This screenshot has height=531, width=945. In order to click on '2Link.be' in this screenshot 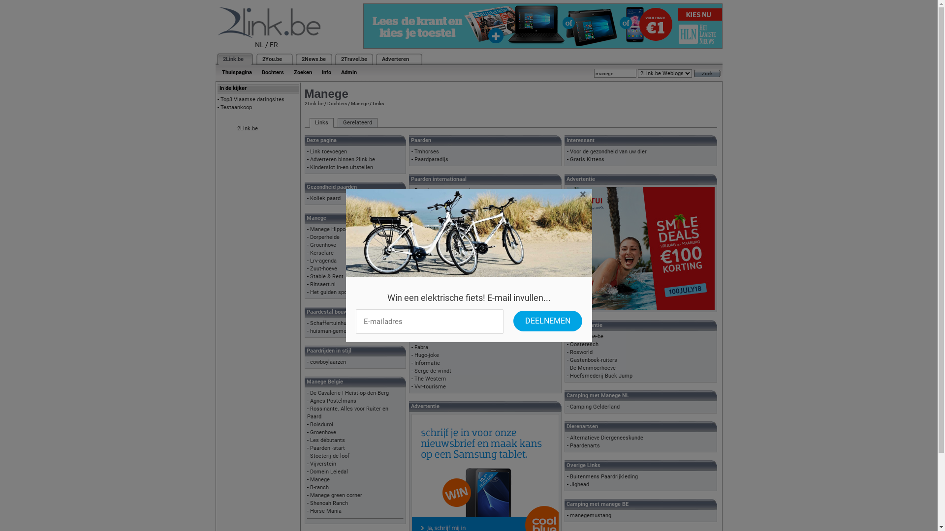, I will do `click(232, 59)`.